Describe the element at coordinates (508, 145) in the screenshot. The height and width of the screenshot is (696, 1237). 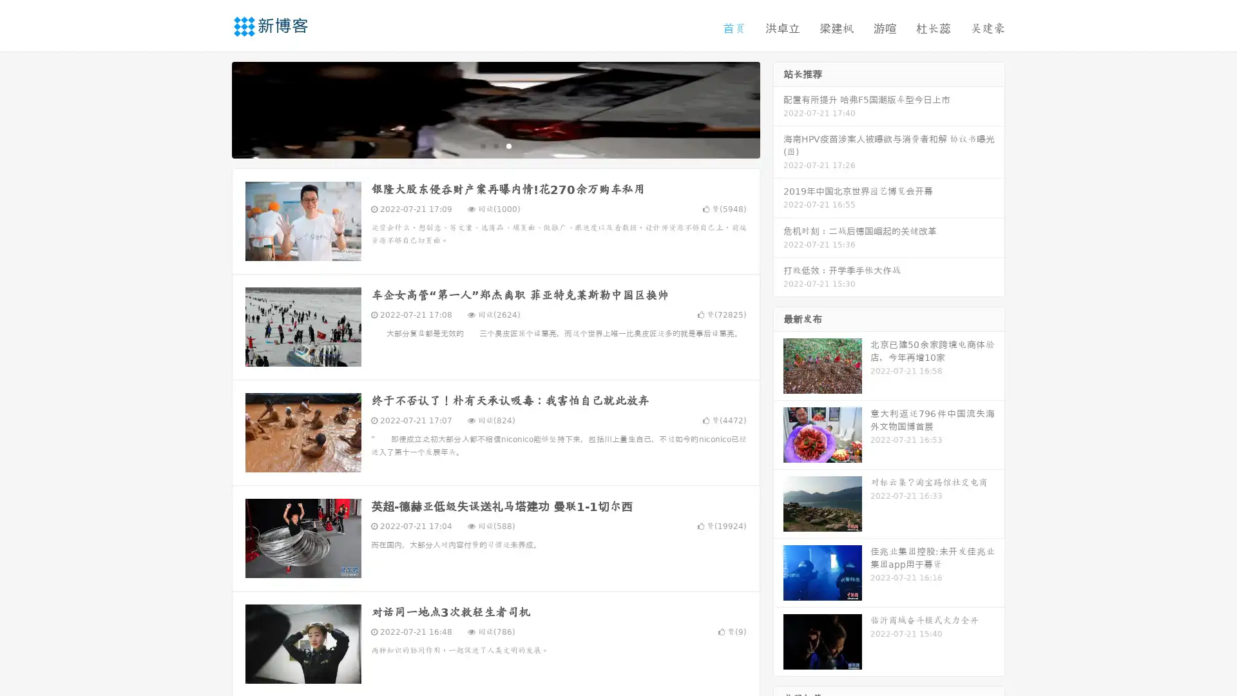
I see `Go to slide 3` at that location.